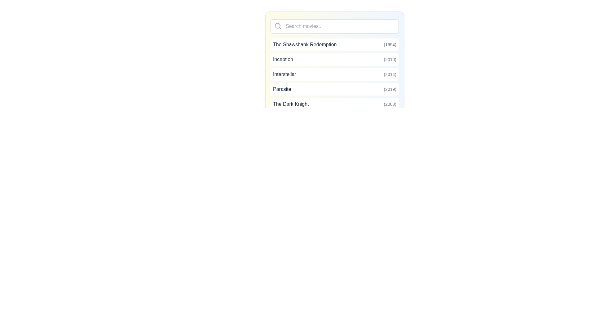  What do you see at coordinates (390, 74) in the screenshot?
I see `the static text label displaying the release year '2014' for the movie 'Interstellar', which is positioned to the right of the movie title` at bounding box center [390, 74].